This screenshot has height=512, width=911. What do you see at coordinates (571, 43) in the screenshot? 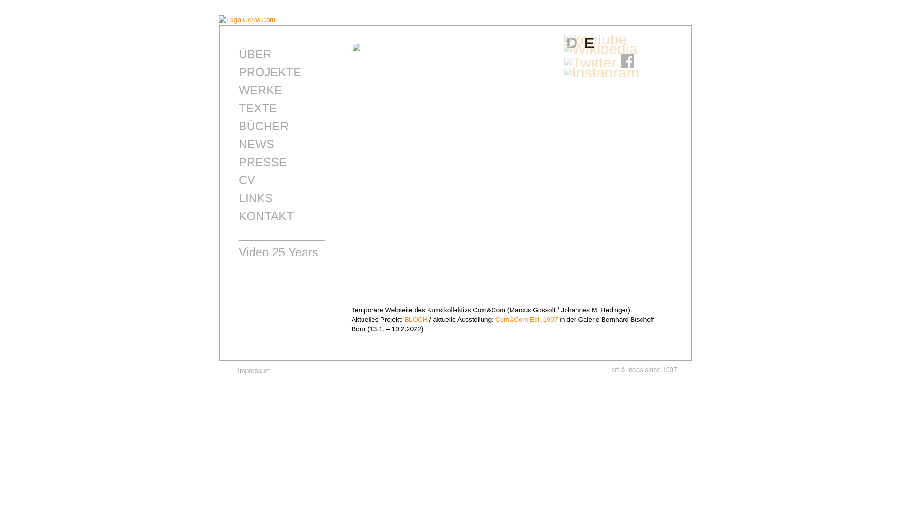
I see `'D'` at bounding box center [571, 43].